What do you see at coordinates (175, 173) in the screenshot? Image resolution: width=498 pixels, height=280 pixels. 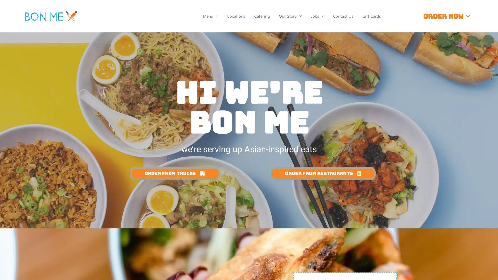 I see `ORDER FROM TRUCKS` at bounding box center [175, 173].